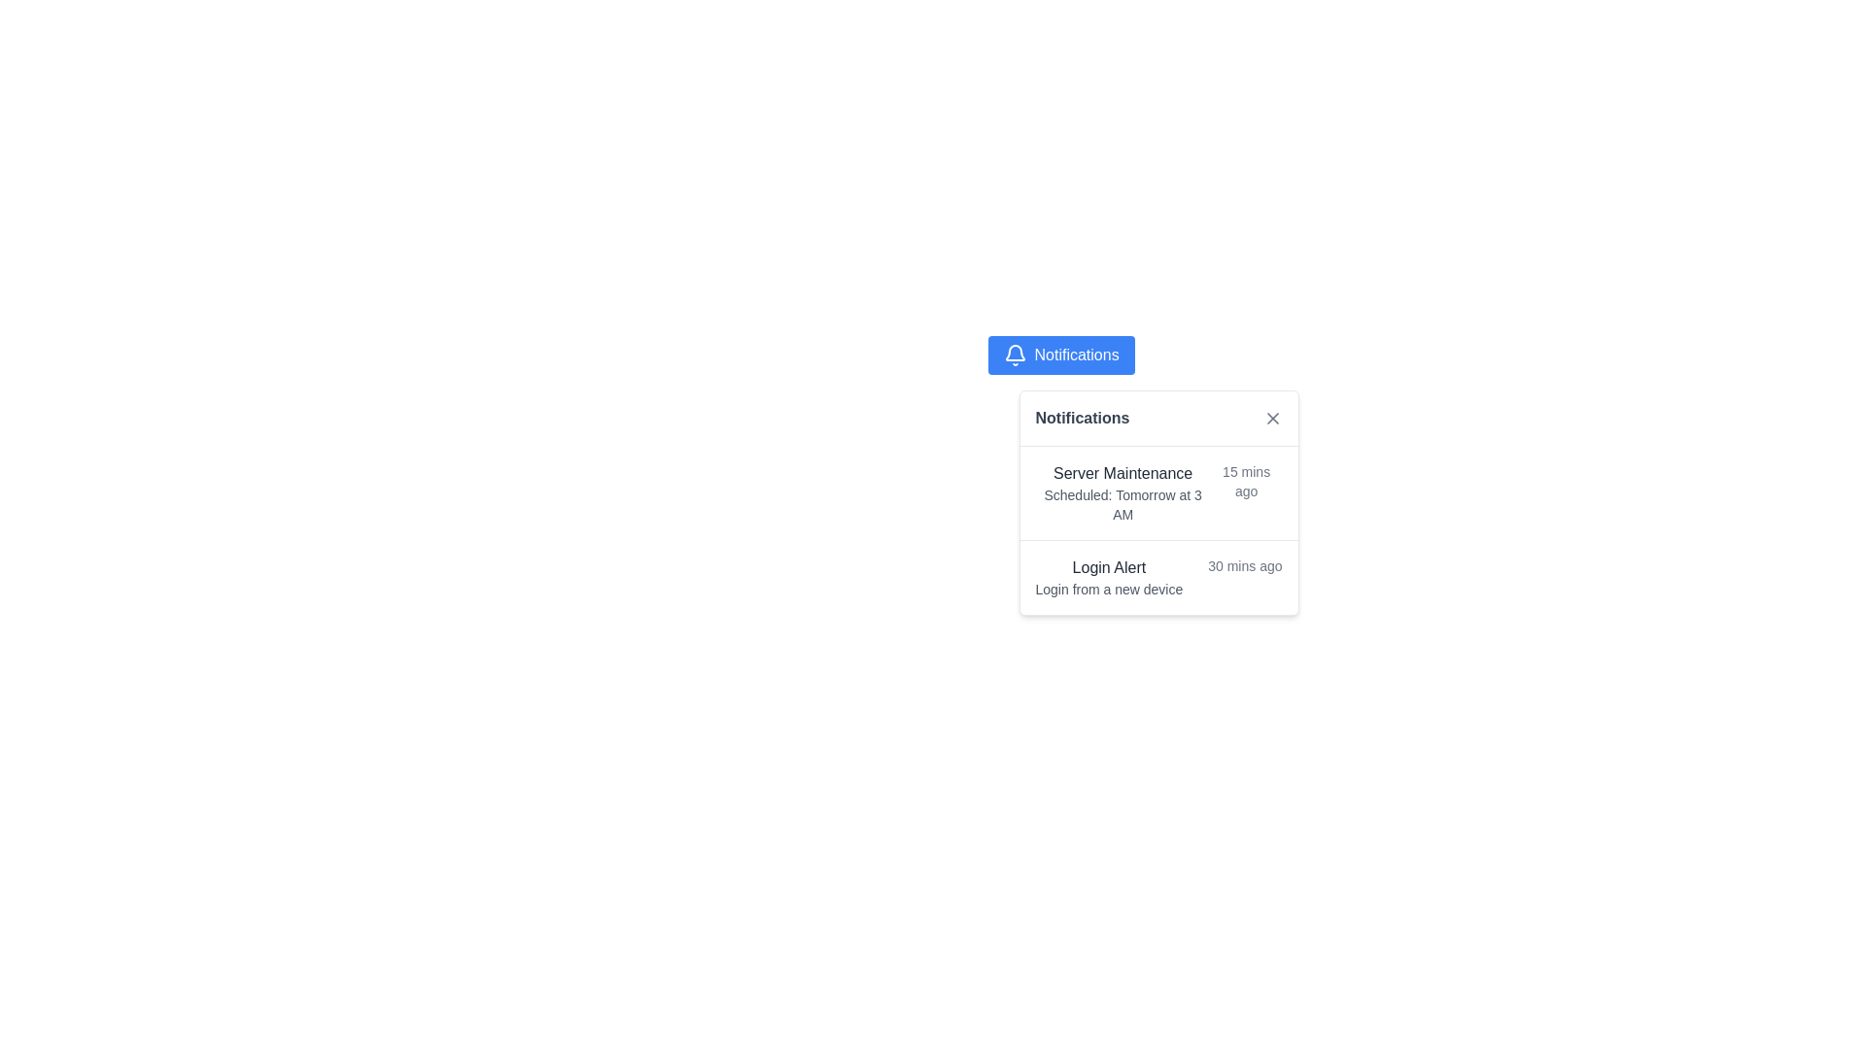 Image resolution: width=1866 pixels, height=1049 pixels. I want to click on the first notification entry titled 'Server Maintenance', so click(1158, 491).